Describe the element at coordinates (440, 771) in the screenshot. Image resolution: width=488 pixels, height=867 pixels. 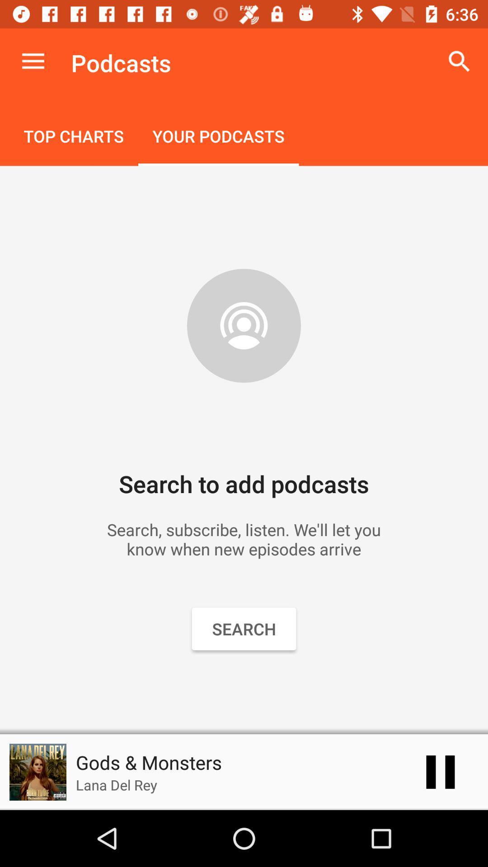
I see `the item at the bottom right corner` at that location.